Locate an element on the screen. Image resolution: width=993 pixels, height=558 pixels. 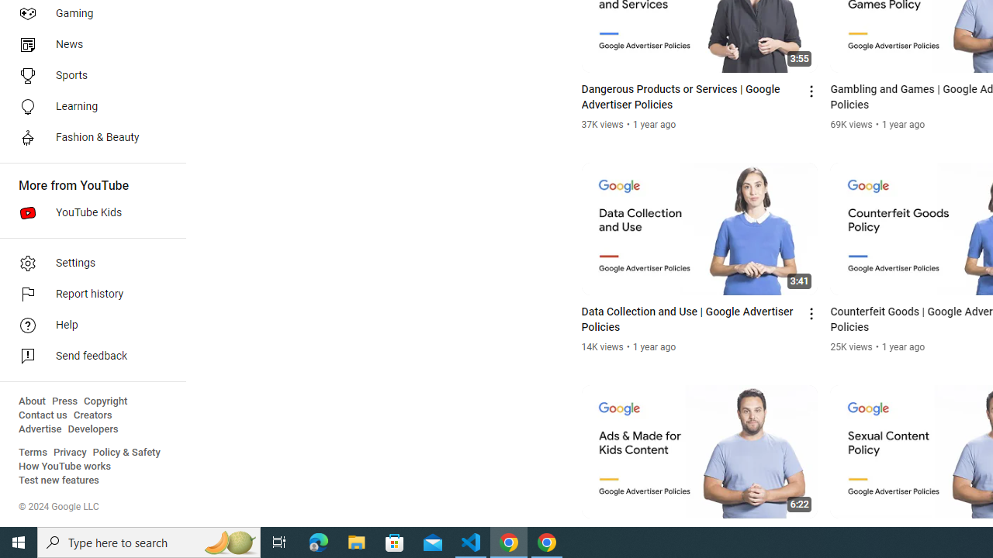
'Help' is located at coordinates (87, 325).